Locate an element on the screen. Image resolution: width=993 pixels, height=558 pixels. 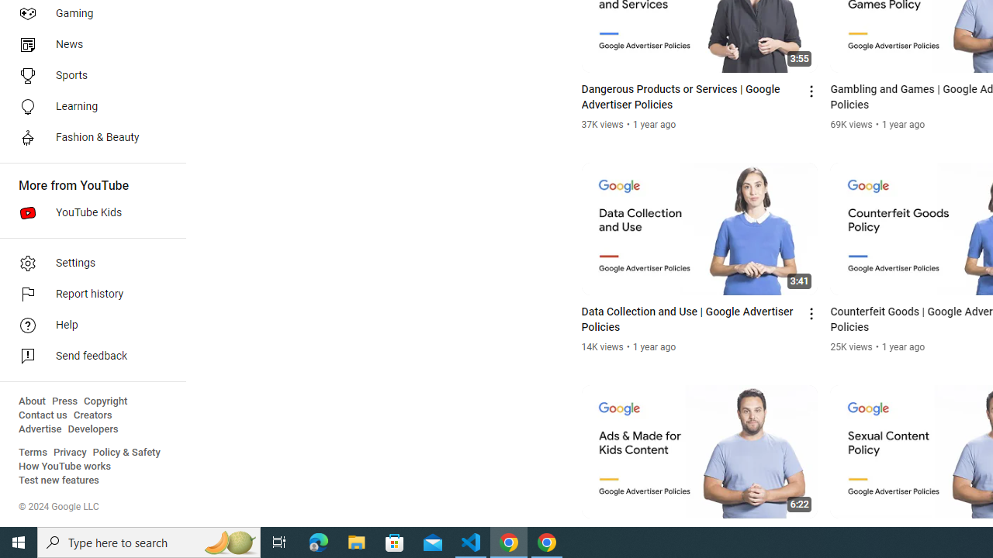
'Help' is located at coordinates (87, 325).